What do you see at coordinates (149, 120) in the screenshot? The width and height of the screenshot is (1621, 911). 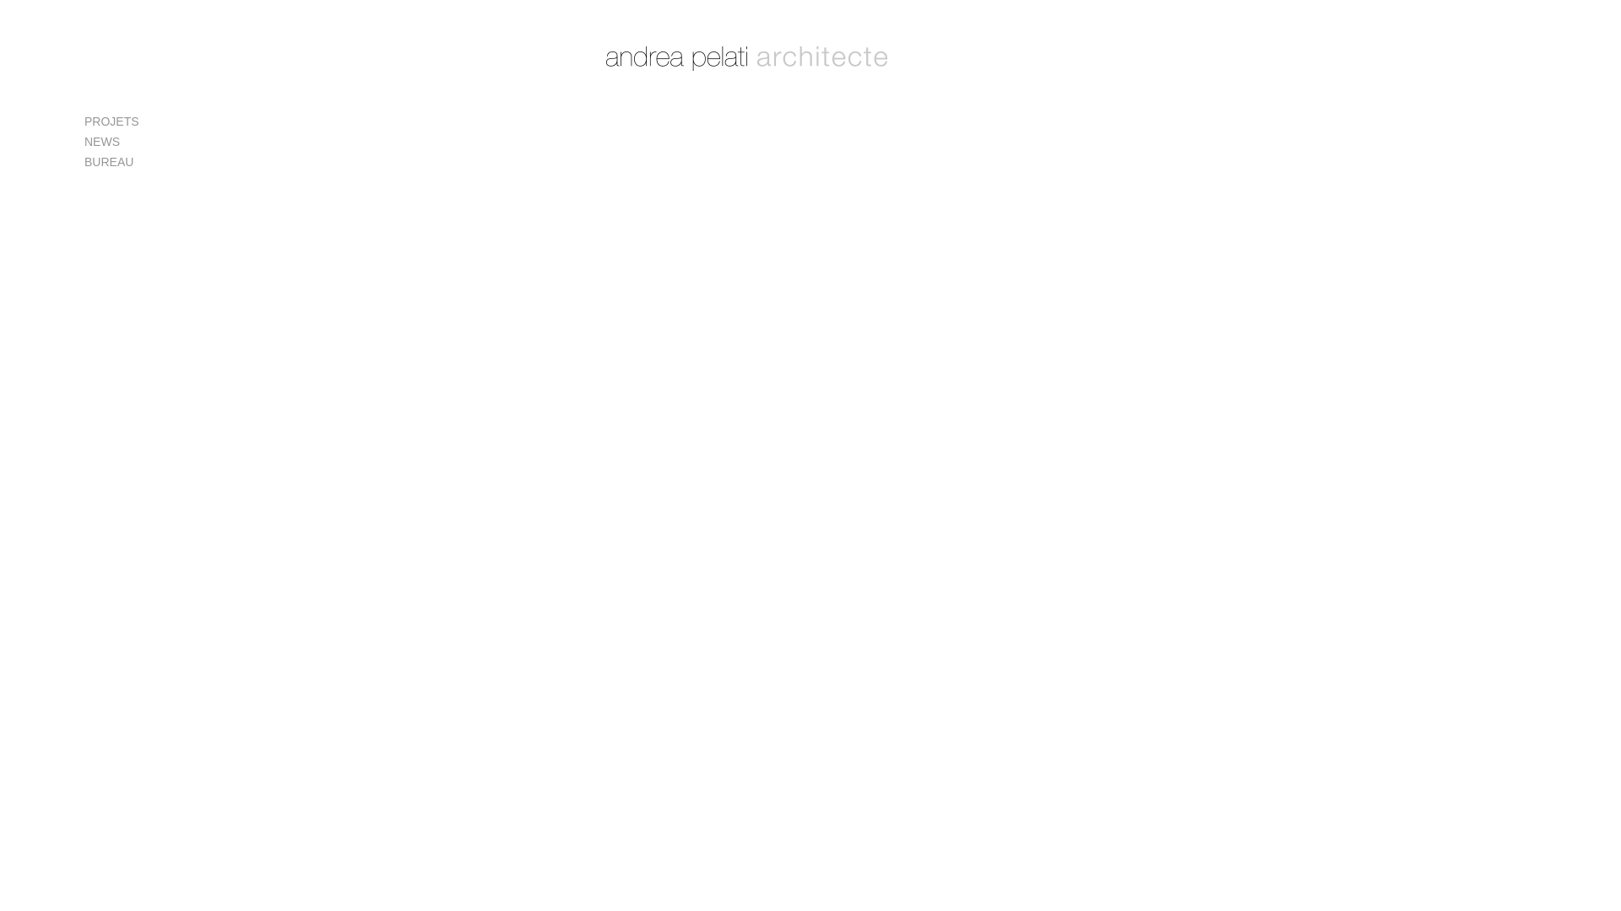 I see `'PROJETS'` at bounding box center [149, 120].